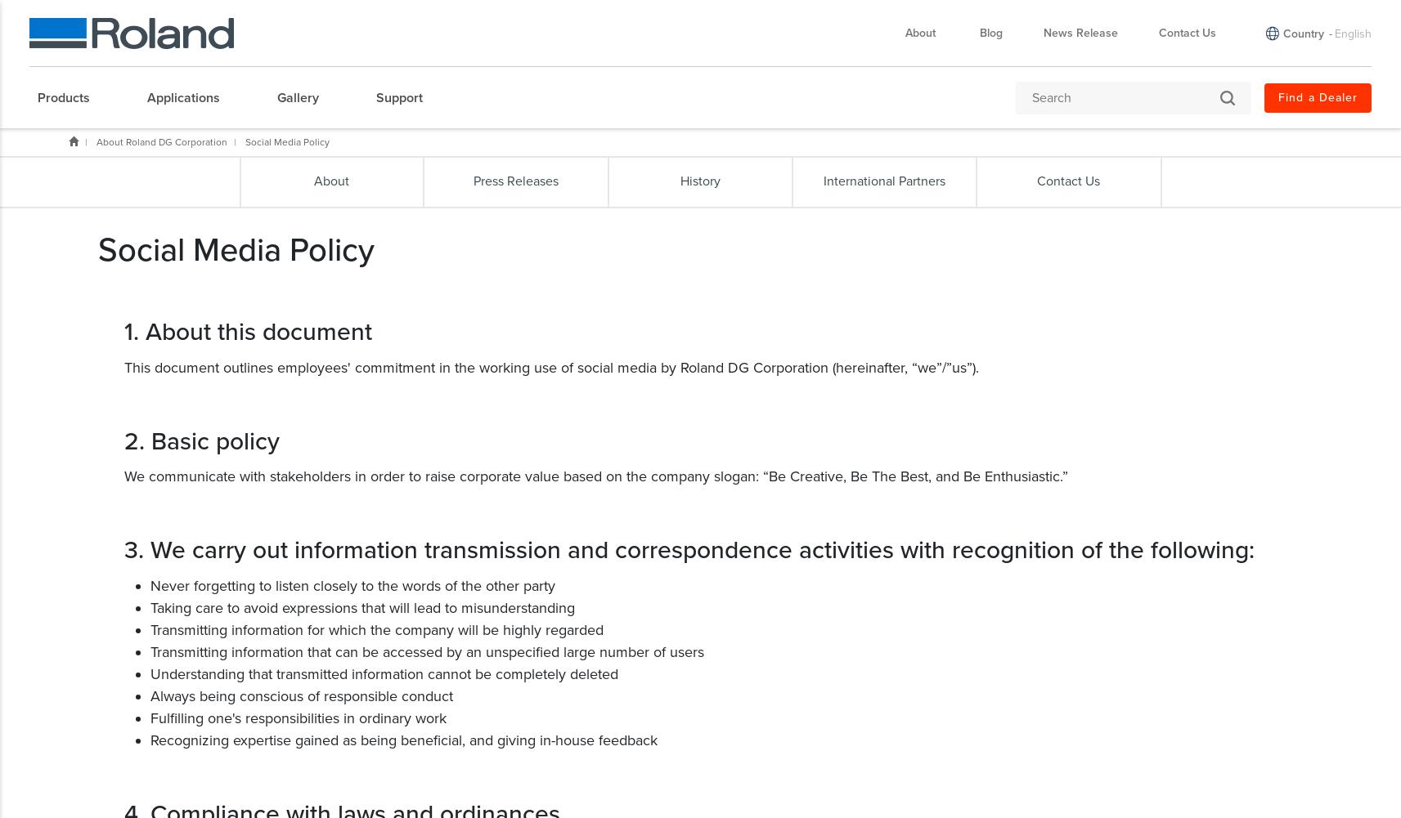 This screenshot has width=1401, height=818. Describe the element at coordinates (361, 607) in the screenshot. I see `'Taking care to avoid expressions that will lead to misunderstanding'` at that location.